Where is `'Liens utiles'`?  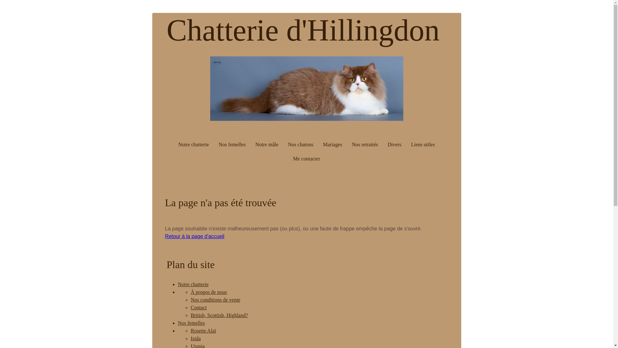 'Liens utiles' is located at coordinates (423, 144).